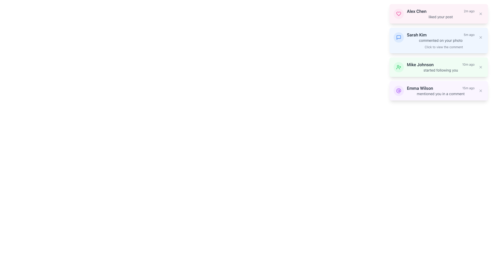 This screenshot has width=492, height=277. I want to click on the text display showing 'Alex Chen' in the top-left section of its notification component to associate the name contextually with the notification, so click(417, 11).